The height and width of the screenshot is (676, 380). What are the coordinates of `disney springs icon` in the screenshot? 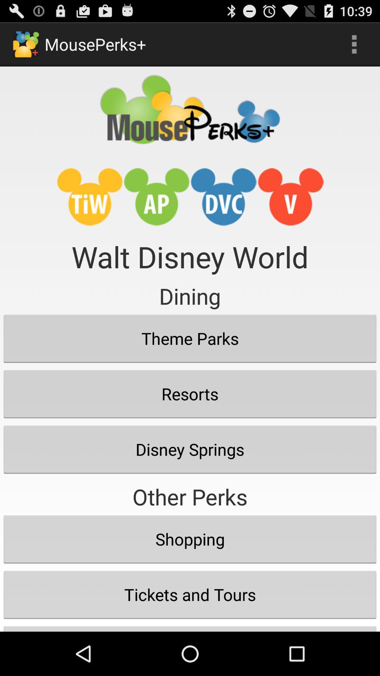 It's located at (190, 449).